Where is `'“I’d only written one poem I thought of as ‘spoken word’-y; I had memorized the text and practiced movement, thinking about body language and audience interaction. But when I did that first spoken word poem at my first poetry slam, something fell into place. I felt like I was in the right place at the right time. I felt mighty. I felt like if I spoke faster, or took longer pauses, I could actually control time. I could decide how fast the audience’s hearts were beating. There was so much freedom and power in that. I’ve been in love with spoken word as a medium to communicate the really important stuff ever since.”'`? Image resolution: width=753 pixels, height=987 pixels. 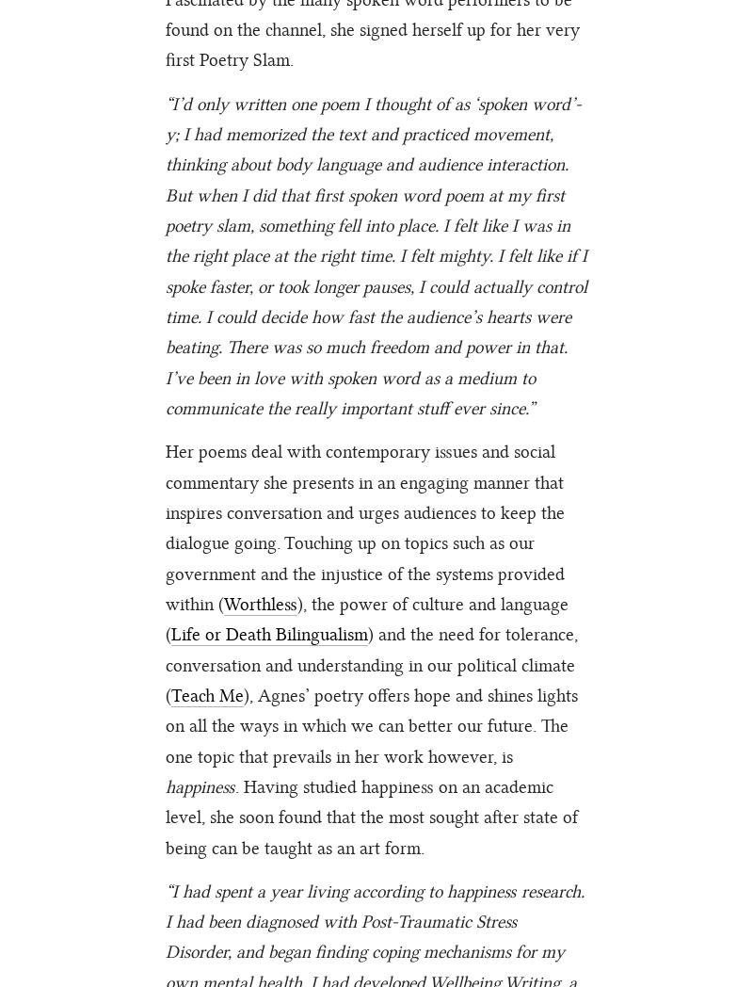
'“I’d only written one poem I thought of as ‘spoken word’-y; I had memorized the text and practiced movement, thinking about body language and audience interaction. But when I did that first spoken word poem at my first poetry slam, something fell into place. I felt like I was in the right place at the right time. I felt mighty. I felt like if I spoke faster, or took longer pauses, I could actually control time. I could decide how fast the audience’s hearts were beating. There was so much freedom and power in that. I’ve been in love with spoken word as a medium to communicate the really important stuff ever since.”' is located at coordinates (376, 254).